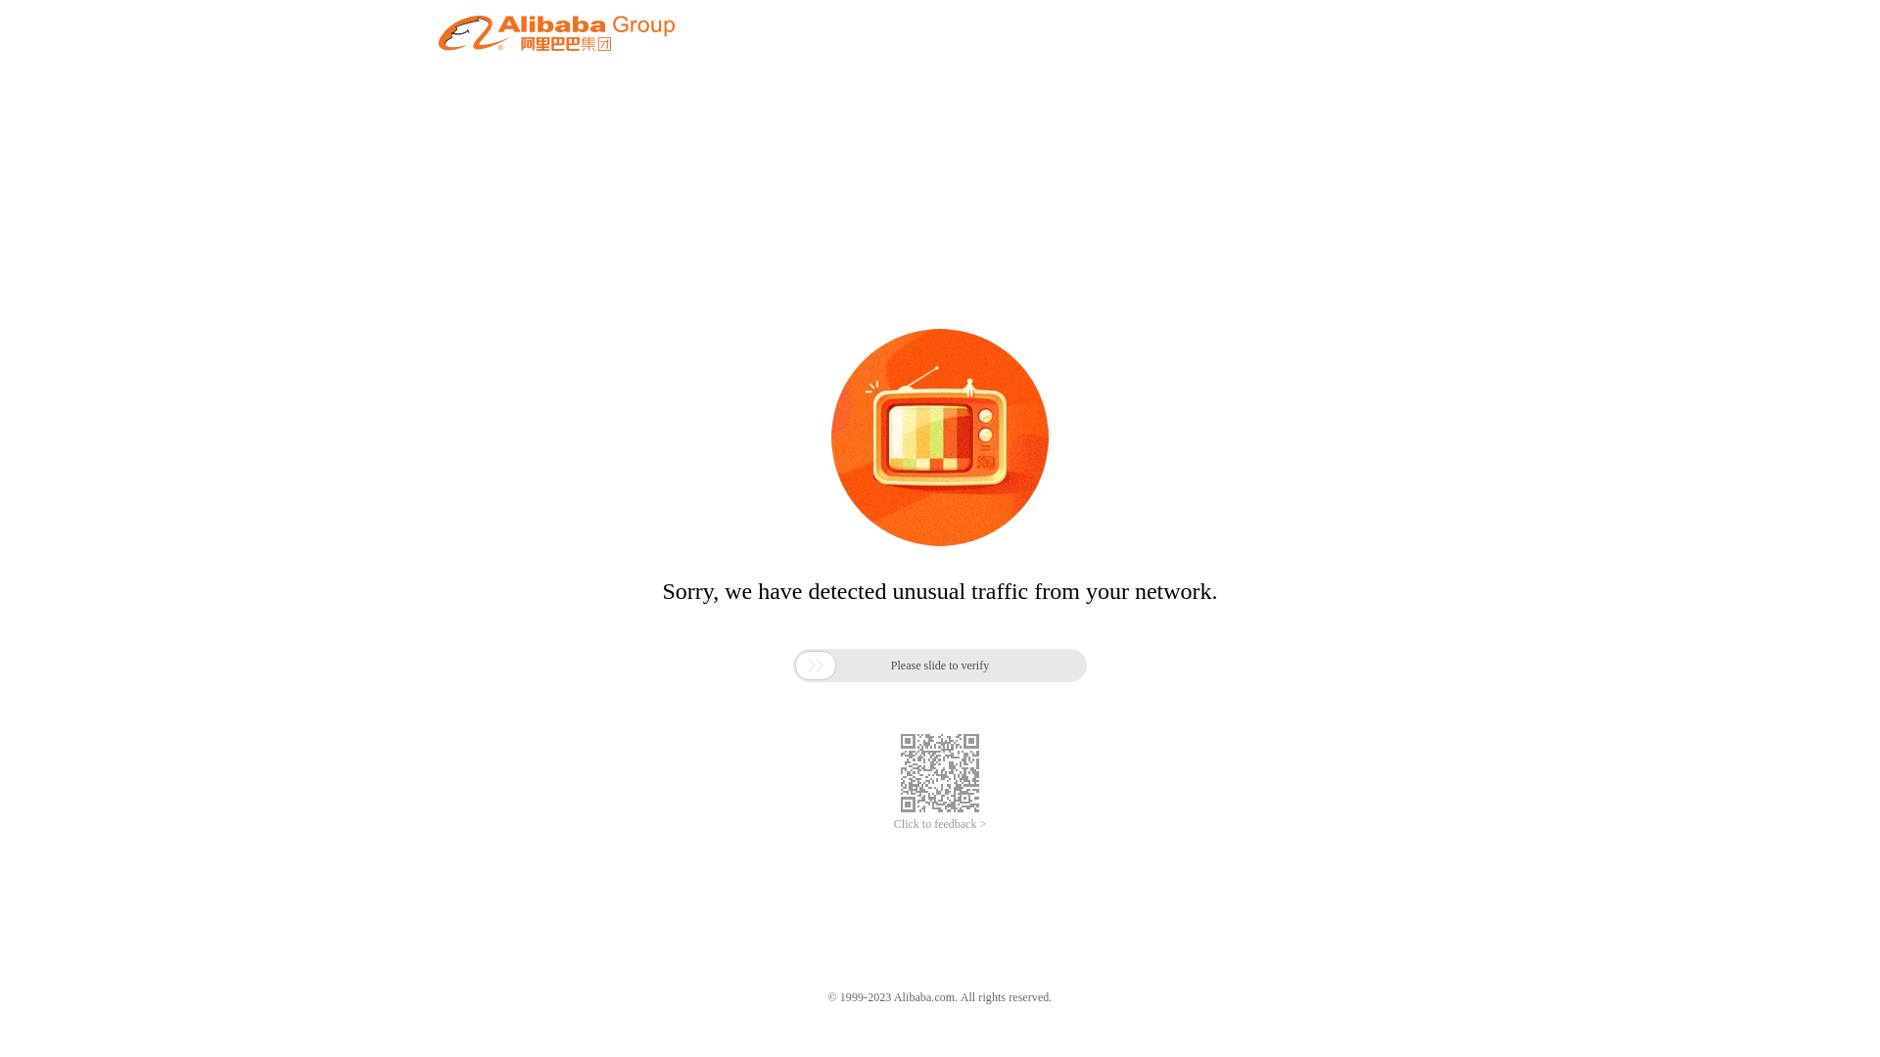  What do you see at coordinates (940, 824) in the screenshot?
I see `'Click to feedback >'` at bounding box center [940, 824].